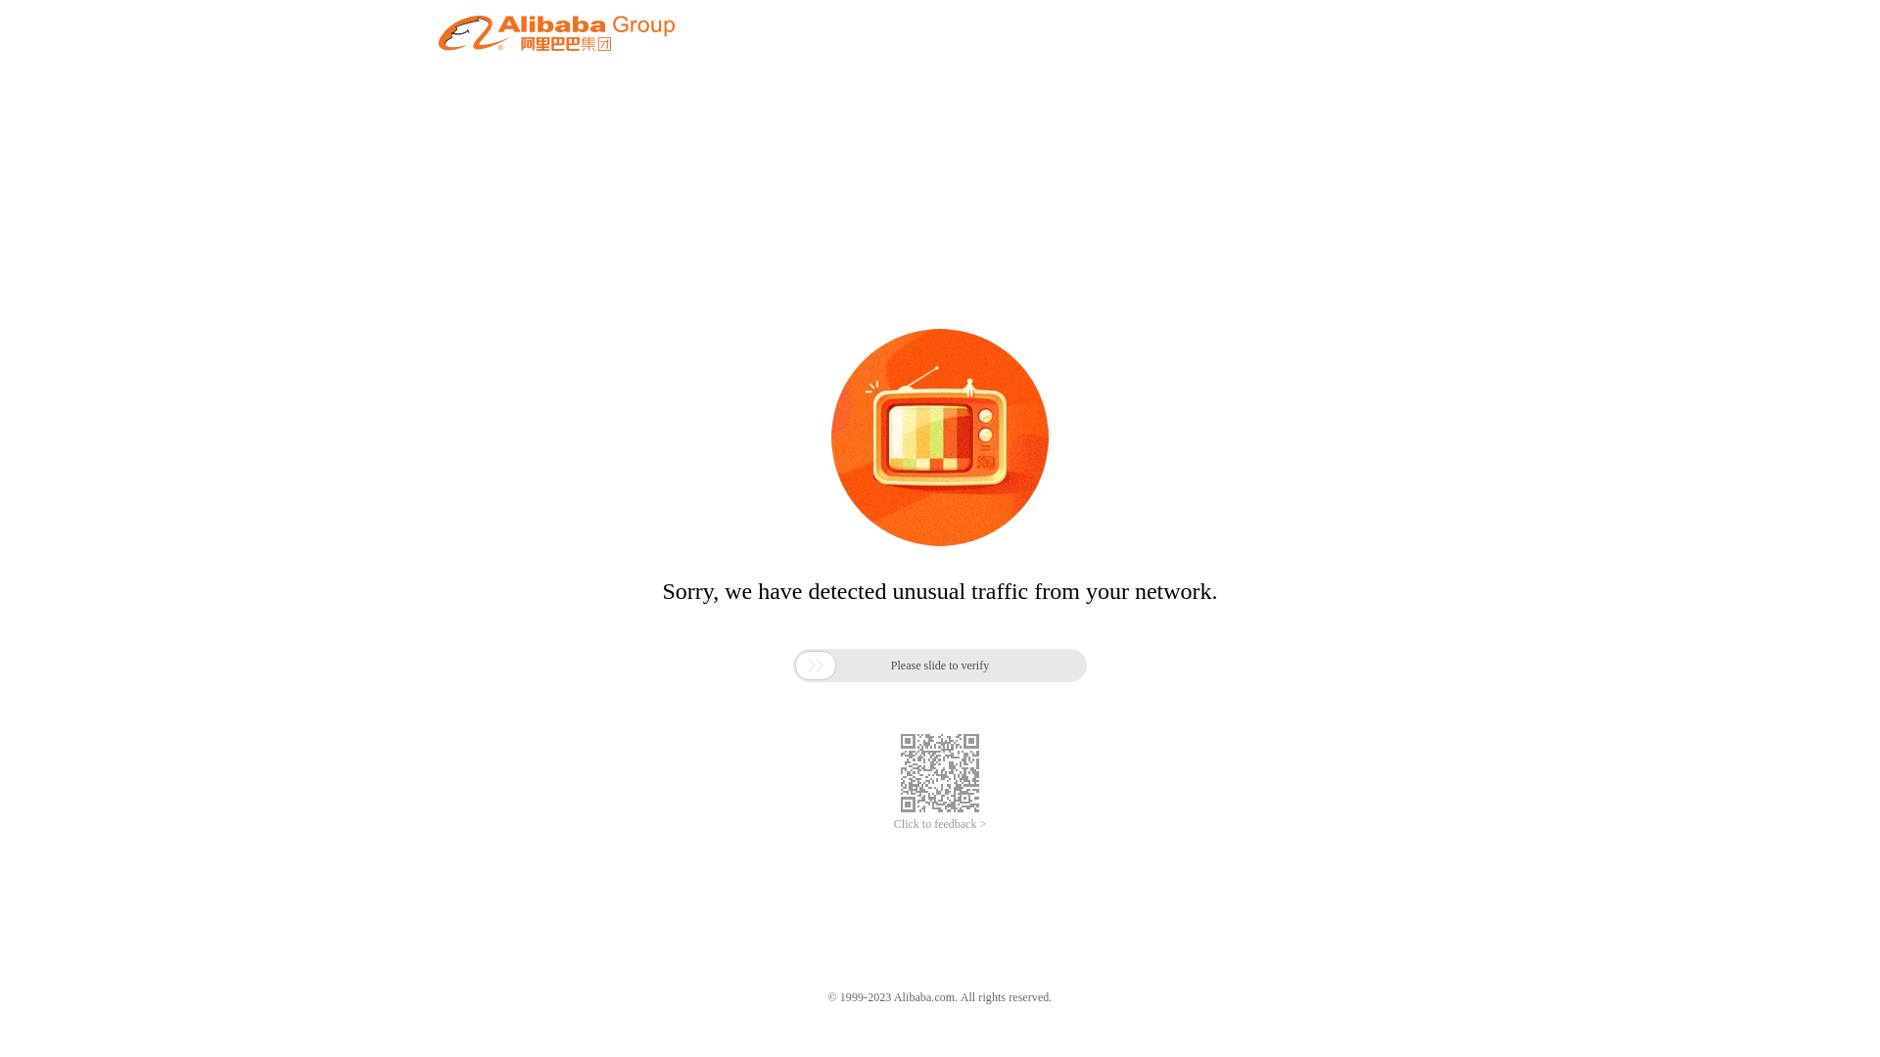  What do you see at coordinates (940, 824) in the screenshot?
I see `'Click to feedback >'` at bounding box center [940, 824].